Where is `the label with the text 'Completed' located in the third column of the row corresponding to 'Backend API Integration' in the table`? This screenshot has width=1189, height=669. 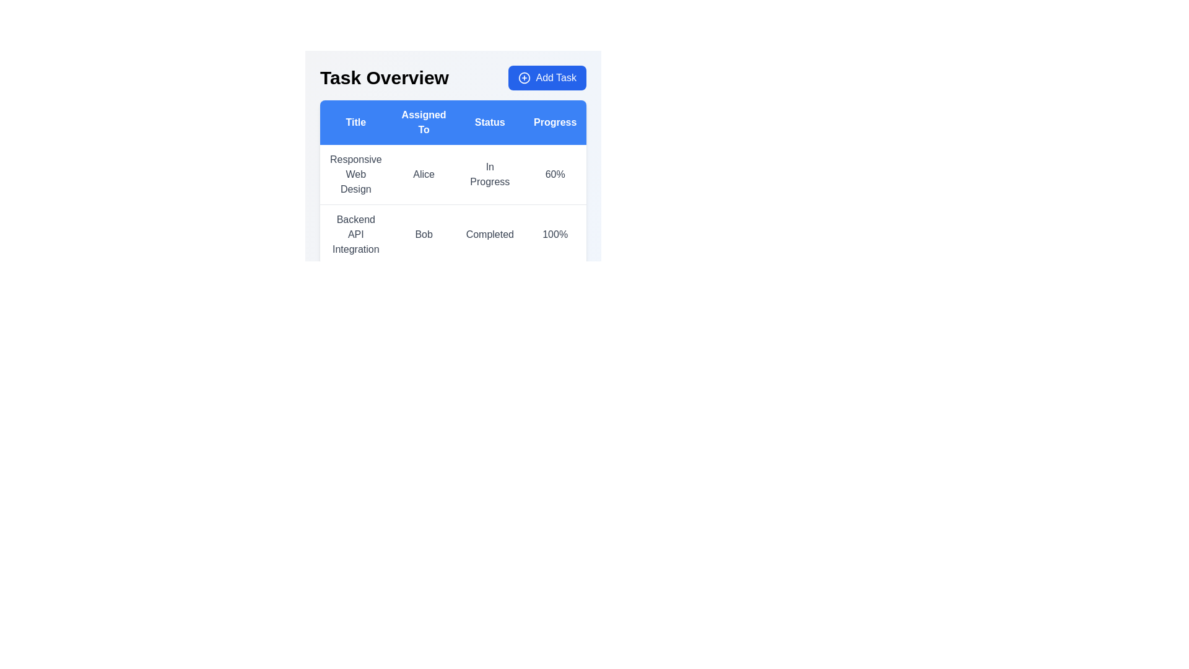
the label with the text 'Completed' located in the third column of the row corresponding to 'Backend API Integration' in the table is located at coordinates (489, 234).